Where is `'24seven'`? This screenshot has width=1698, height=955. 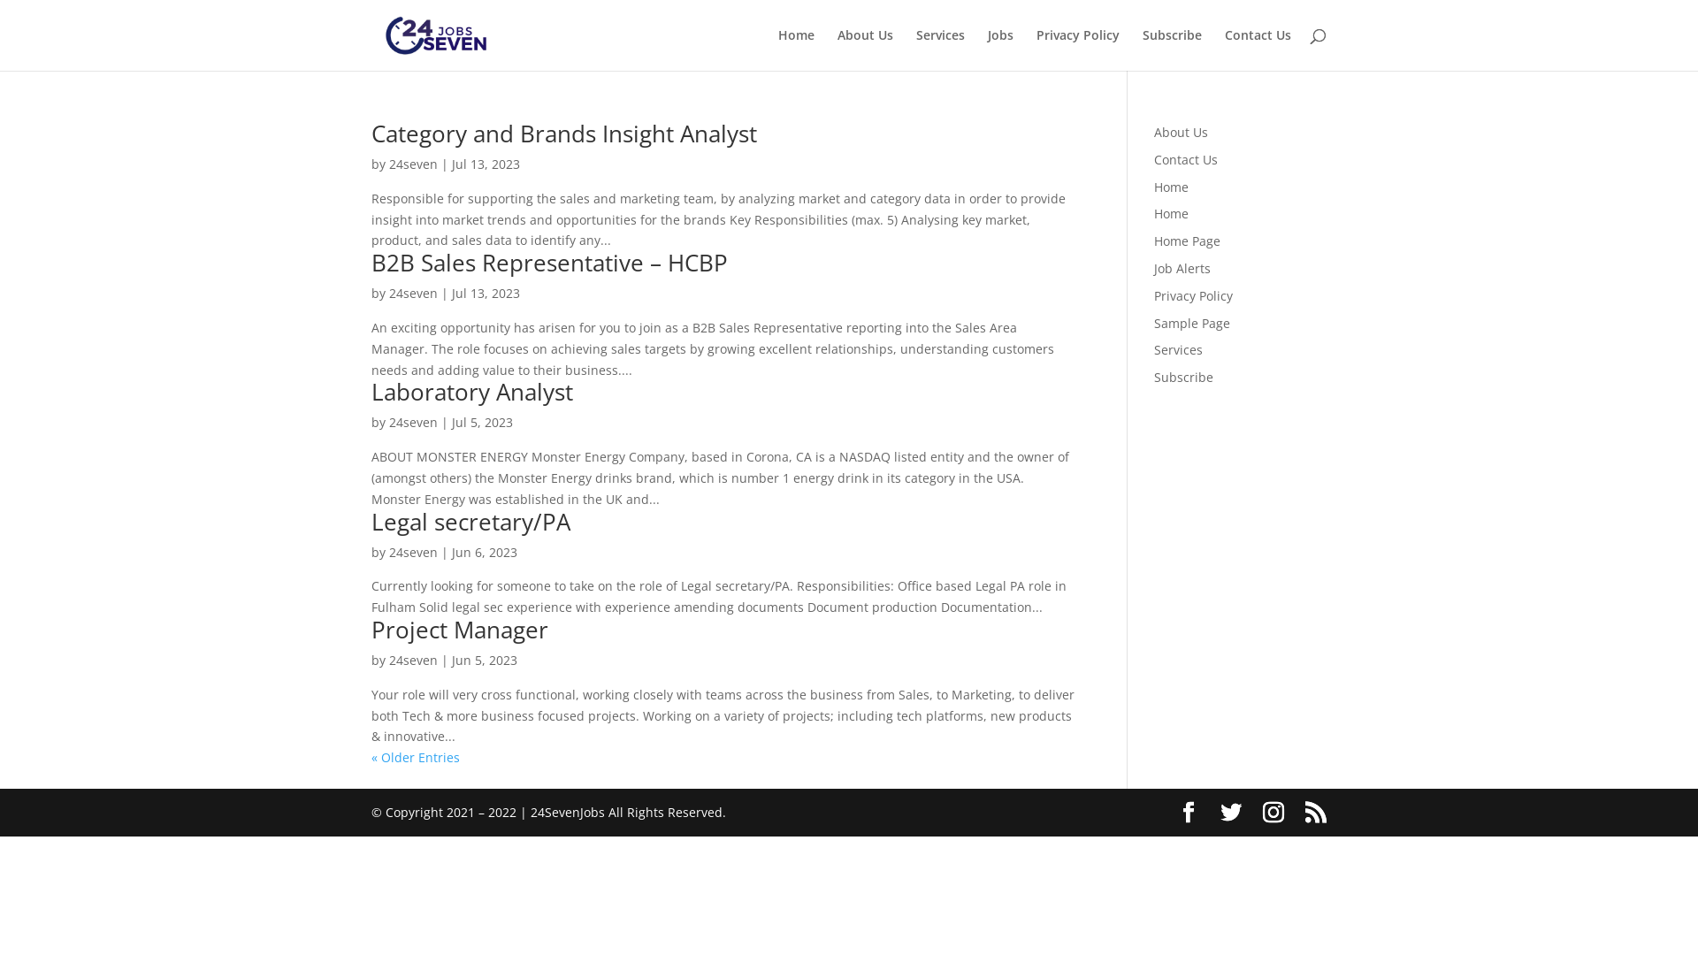
'24seven' is located at coordinates (412, 422).